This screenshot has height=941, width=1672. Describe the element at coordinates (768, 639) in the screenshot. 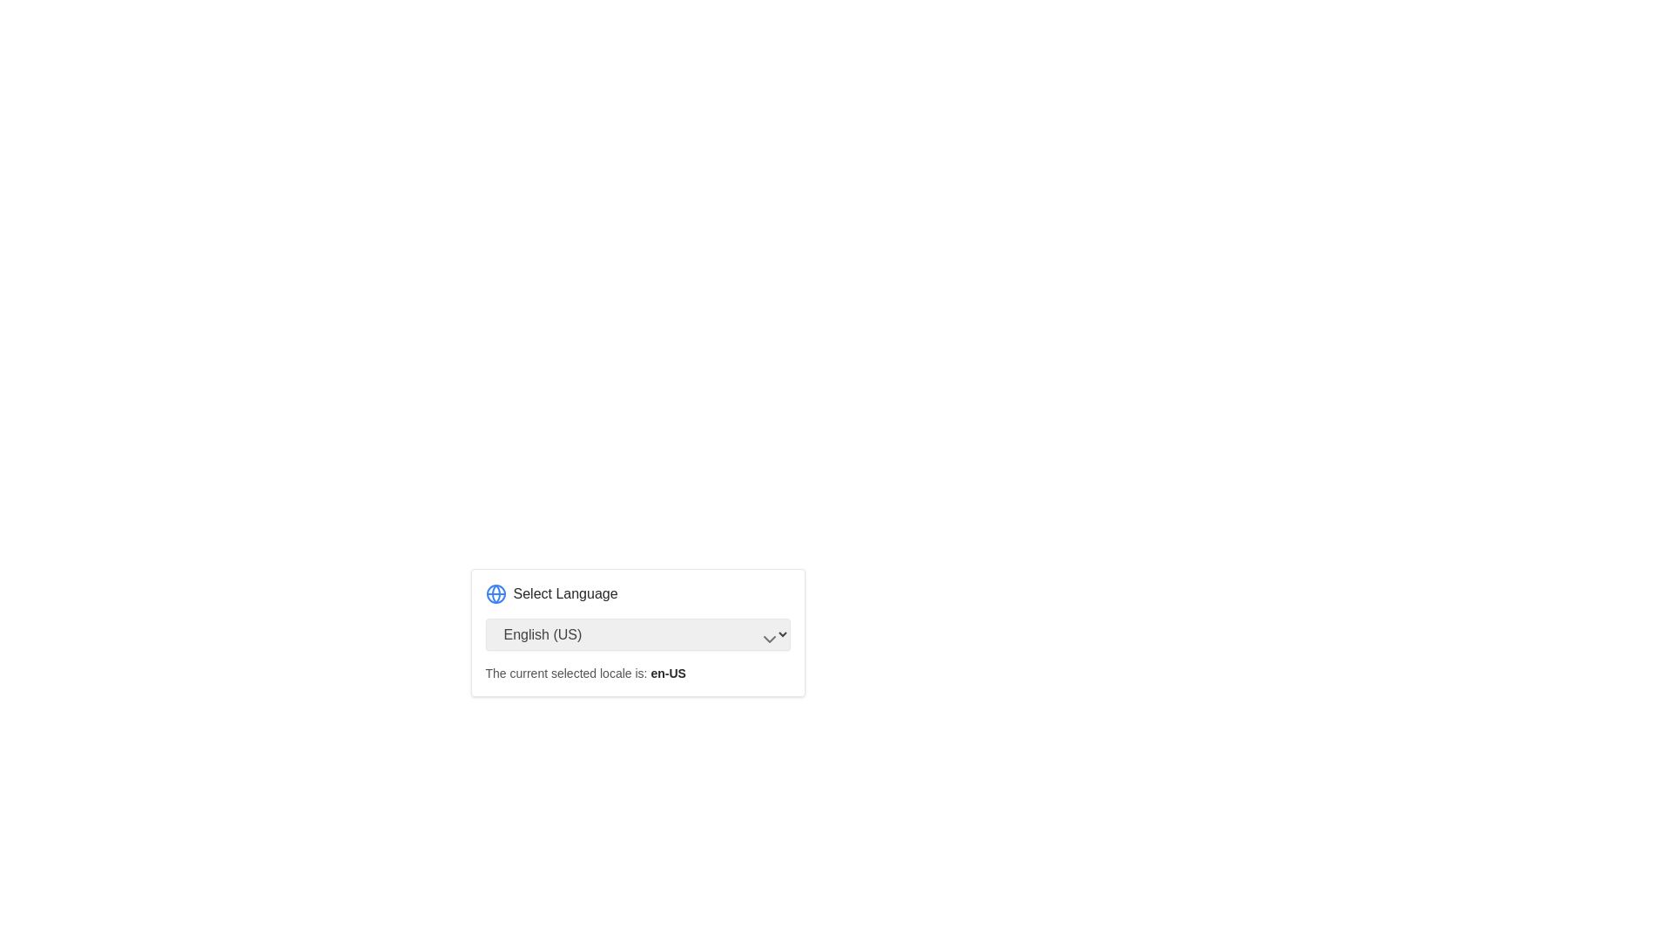

I see `the downward-facing chevron icon located in the upper-right corner of the dropdown displaying 'English (US)'` at that location.